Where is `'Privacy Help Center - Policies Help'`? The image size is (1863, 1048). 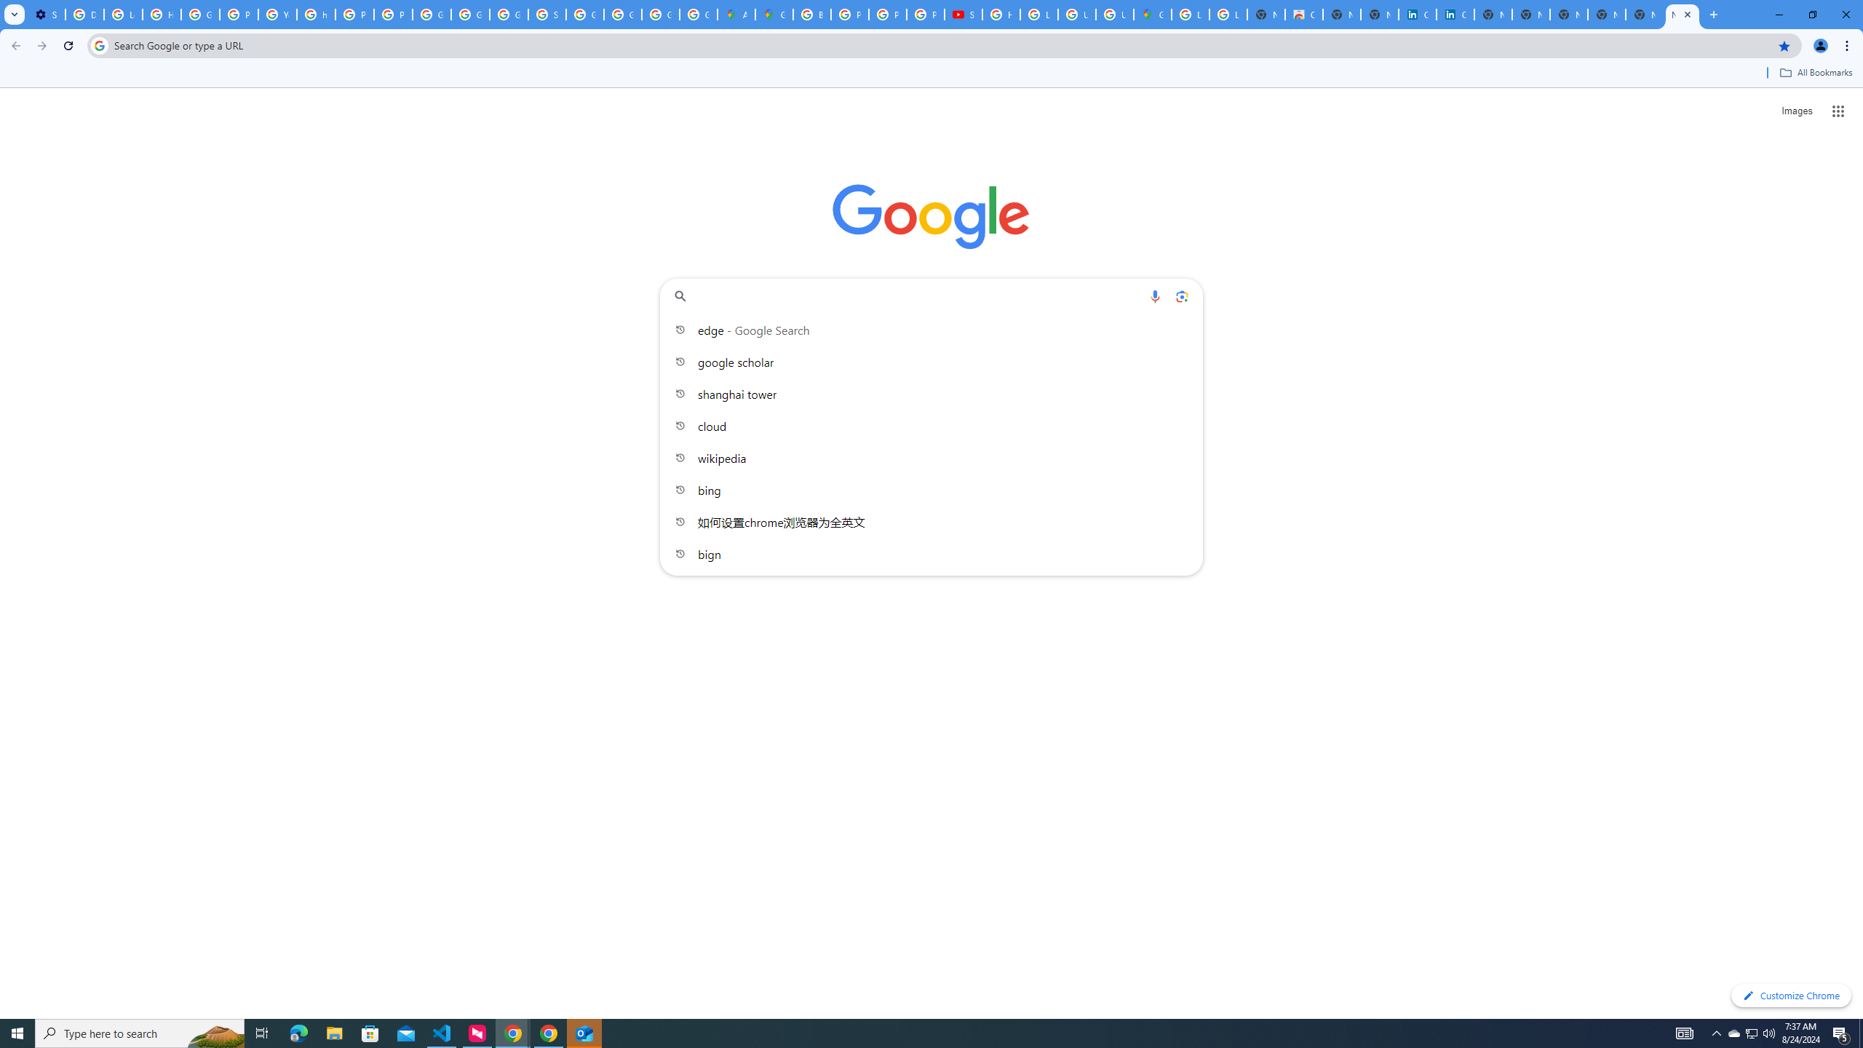 'Privacy Help Center - Policies Help' is located at coordinates (886, 14).